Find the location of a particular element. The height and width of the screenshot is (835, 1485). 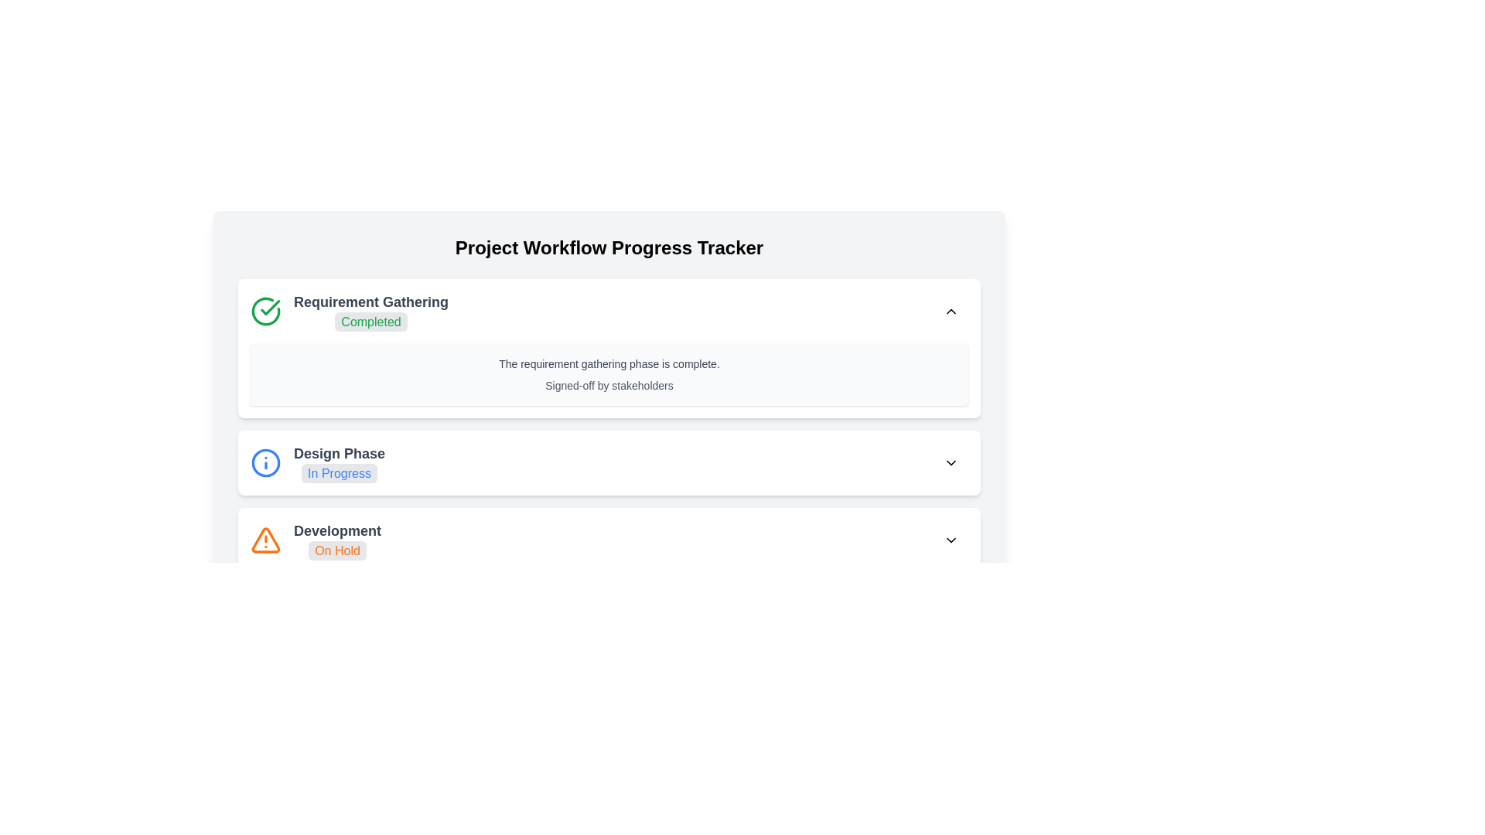

the Chevron icon (Expand/Collapse) is located at coordinates (950, 311).